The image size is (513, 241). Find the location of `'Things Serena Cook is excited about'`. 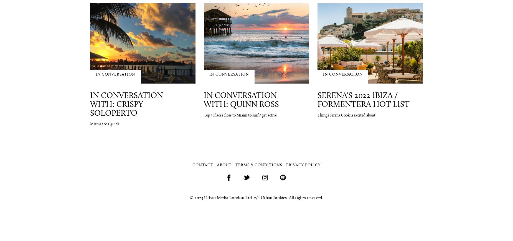

'Things Serena Cook is excited about' is located at coordinates (317, 115).